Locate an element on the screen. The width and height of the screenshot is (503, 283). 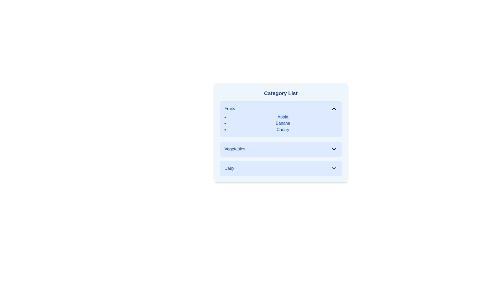
the 'Fruits' collapsible header for keyboard interaction is located at coordinates (280, 108).